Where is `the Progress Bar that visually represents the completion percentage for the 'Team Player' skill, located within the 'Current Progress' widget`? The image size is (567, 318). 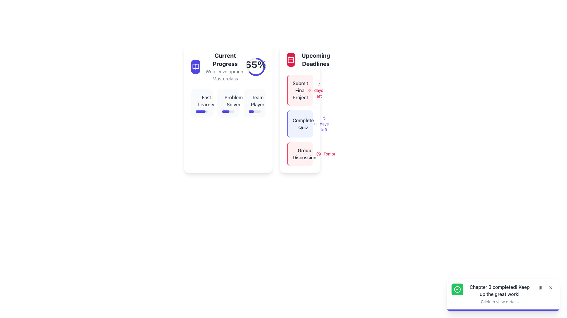
the Progress Bar that visually represents the completion percentage for the 'Team Player' skill, located within the 'Current Progress' widget is located at coordinates (255, 111).